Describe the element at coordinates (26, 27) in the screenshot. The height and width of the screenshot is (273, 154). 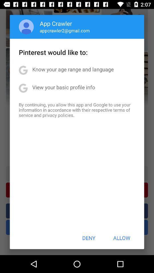
I see `app above pinterest would like item` at that location.